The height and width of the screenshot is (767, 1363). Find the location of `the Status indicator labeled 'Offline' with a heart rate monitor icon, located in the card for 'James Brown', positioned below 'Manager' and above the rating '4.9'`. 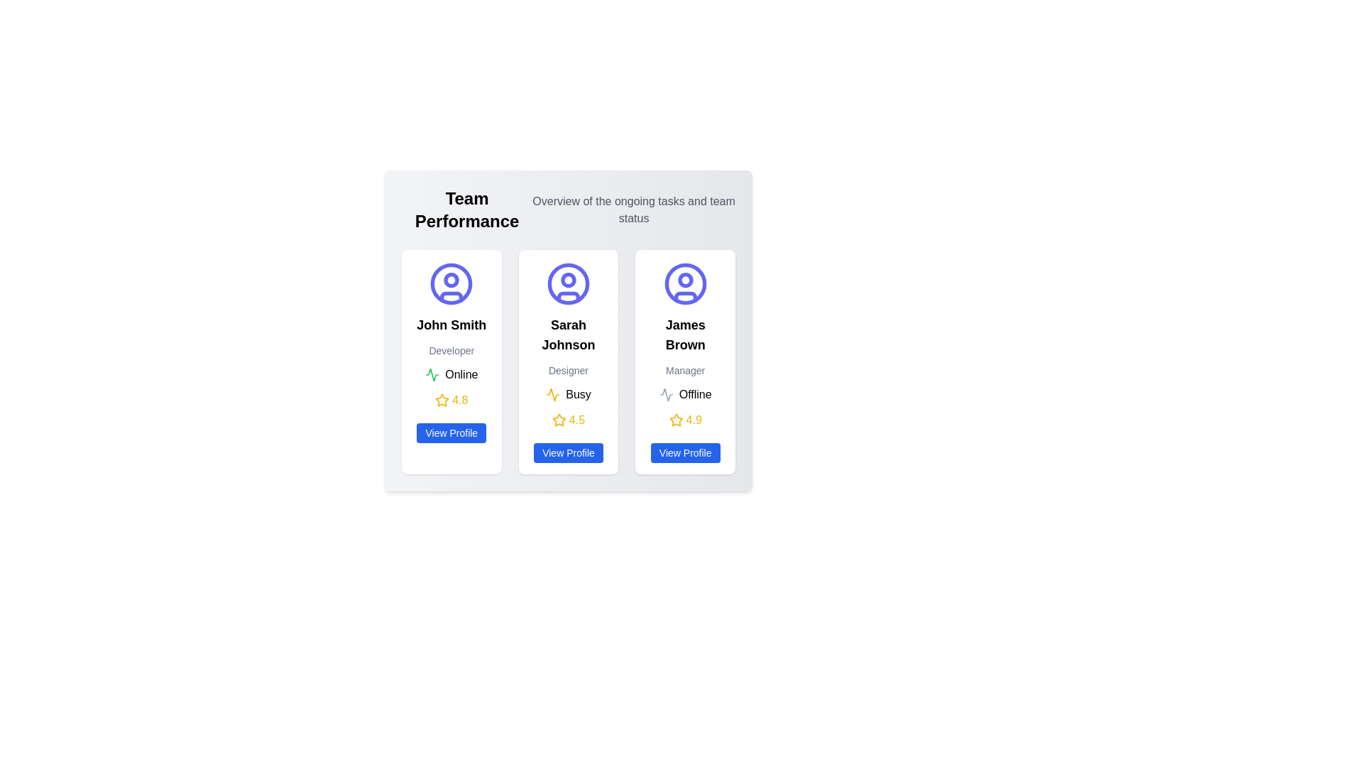

the Status indicator labeled 'Offline' with a heart rate monitor icon, located in the card for 'James Brown', positioned below 'Manager' and above the rating '4.9' is located at coordinates (685, 394).